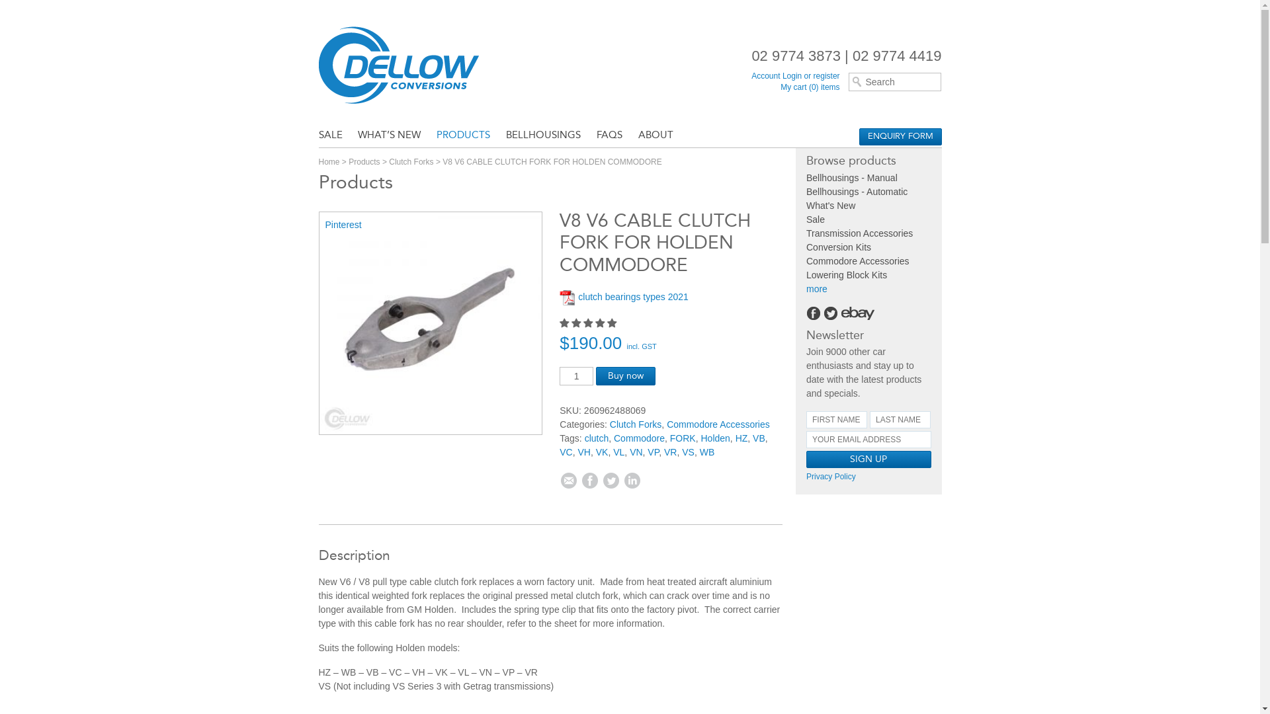 This screenshot has width=1270, height=714. Describe the element at coordinates (851, 177) in the screenshot. I see `'Bellhousings - Manual'` at that location.